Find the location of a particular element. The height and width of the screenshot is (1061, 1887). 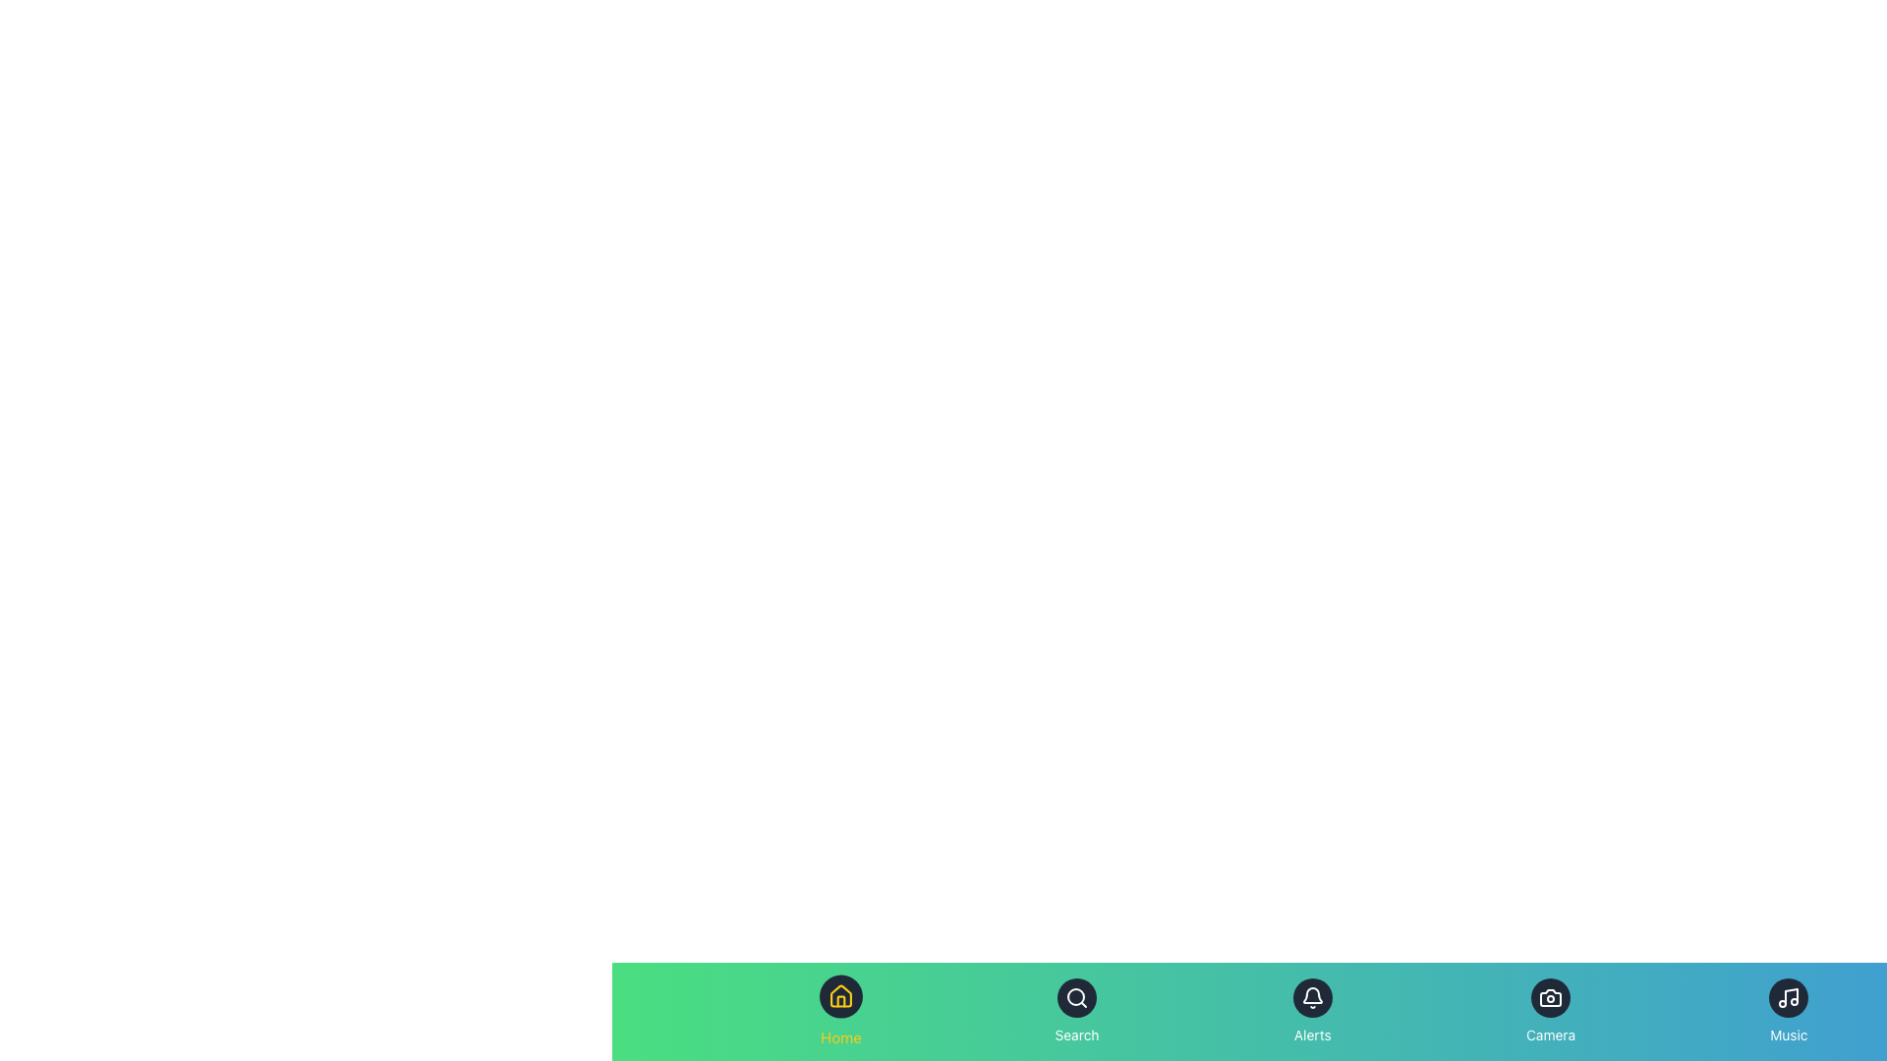

the circular camera icon with a dark background and white outlines located is located at coordinates (1550, 997).